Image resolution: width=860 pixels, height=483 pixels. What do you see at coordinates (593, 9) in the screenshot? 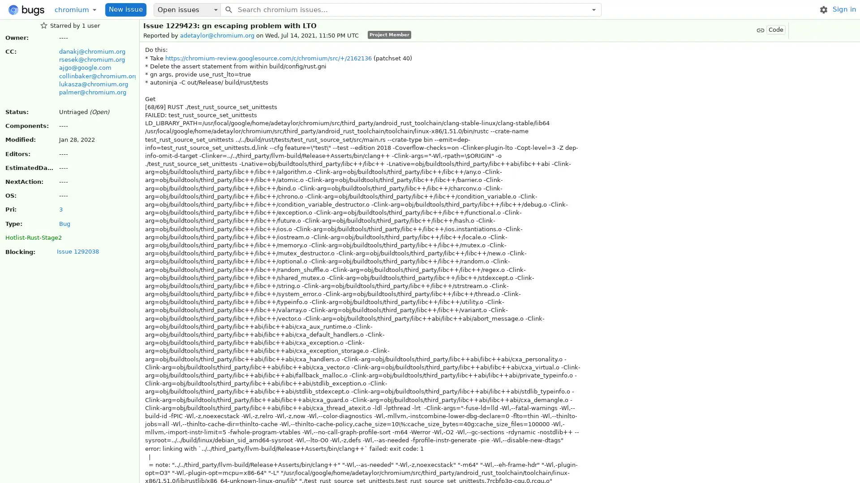
I see `Search options` at bounding box center [593, 9].